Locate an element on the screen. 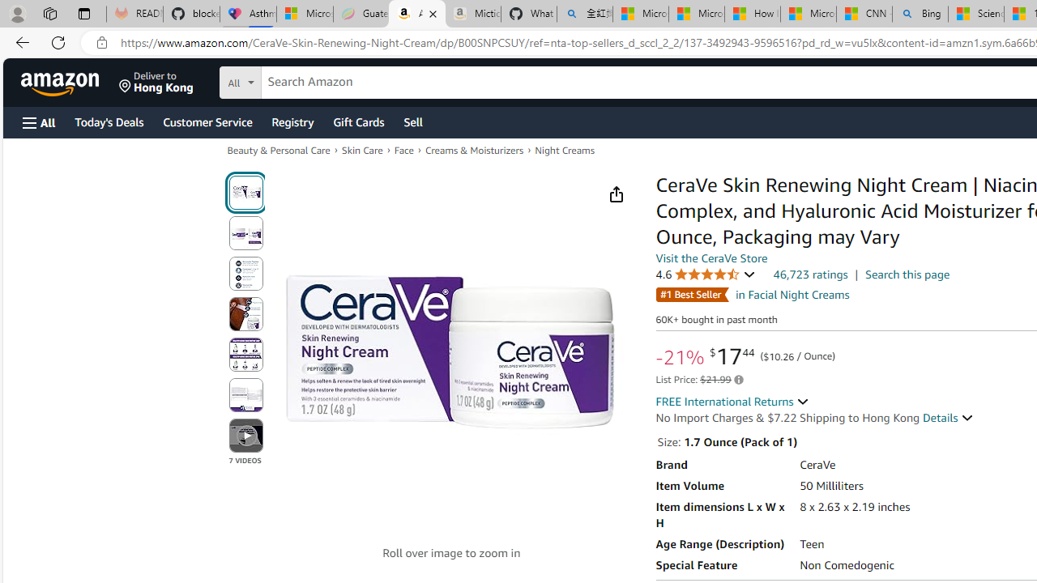  'Workspaces' is located at coordinates (49, 13).